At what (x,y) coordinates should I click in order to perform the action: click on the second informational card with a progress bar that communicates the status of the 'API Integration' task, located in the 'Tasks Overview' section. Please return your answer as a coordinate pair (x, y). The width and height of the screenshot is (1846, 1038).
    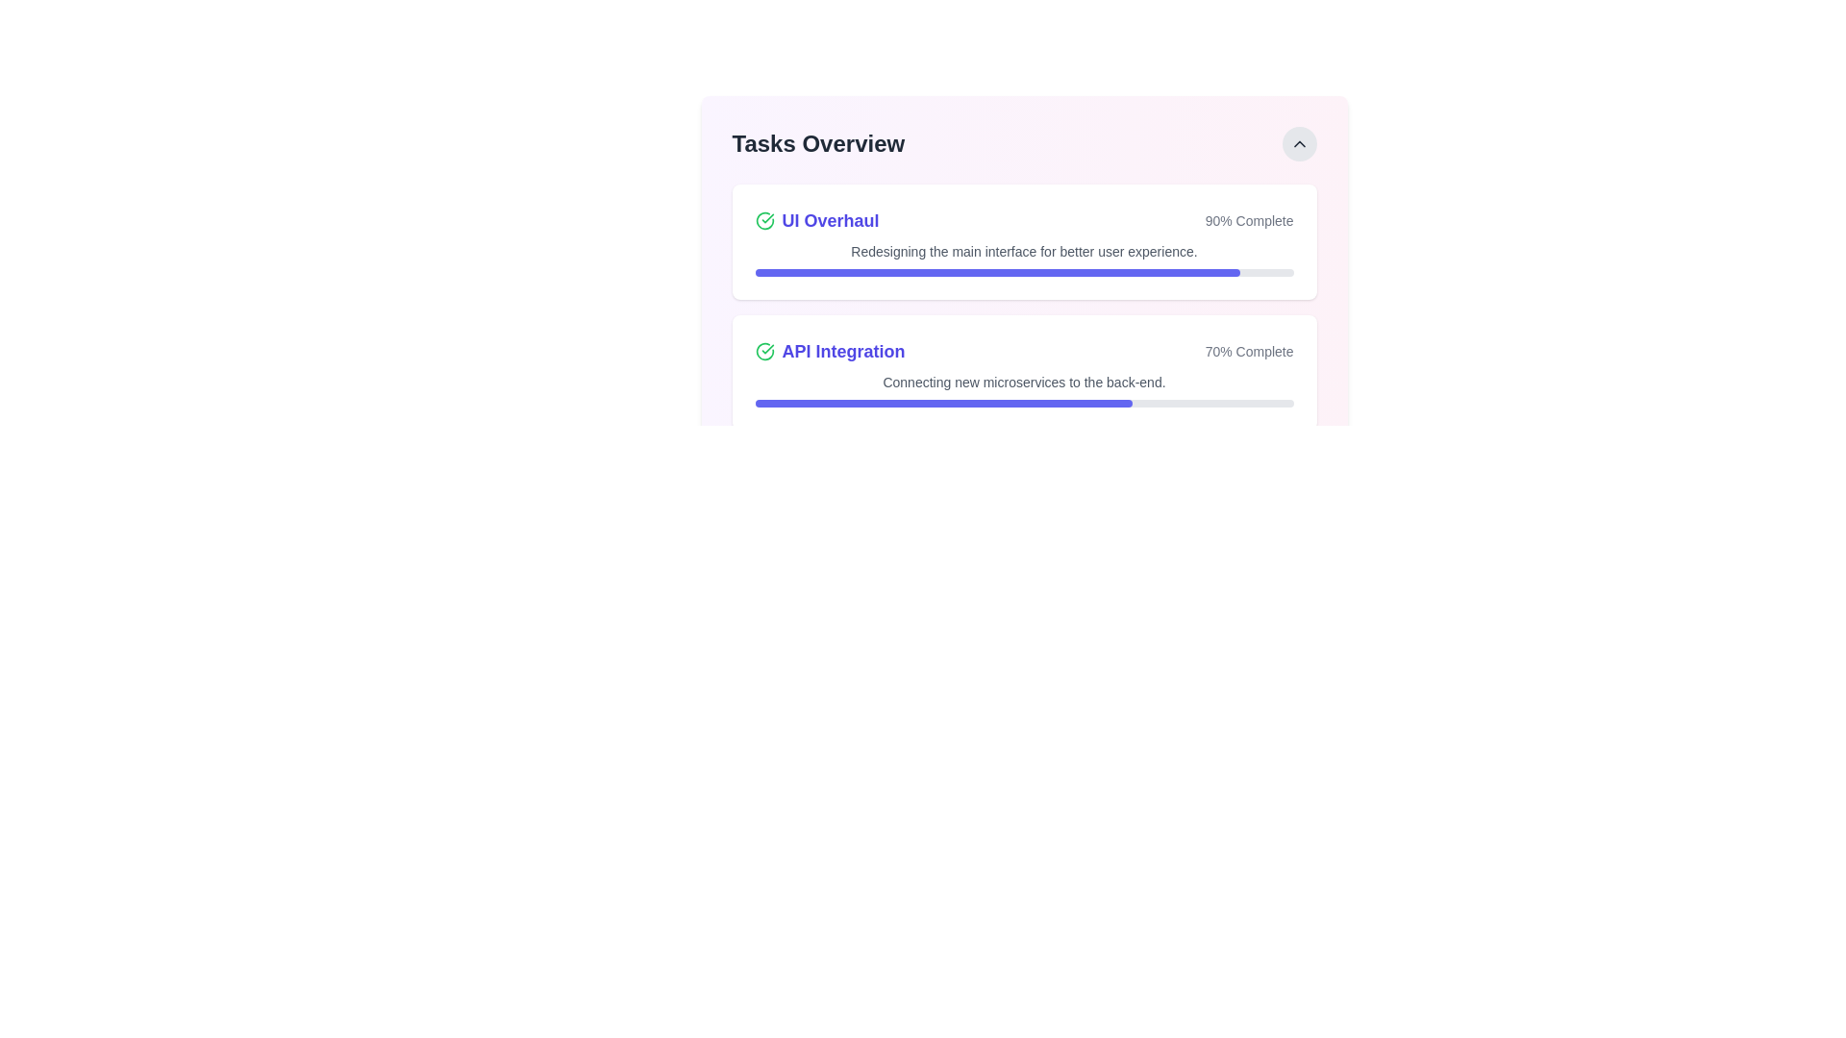
    Looking at the image, I should click on (1023, 373).